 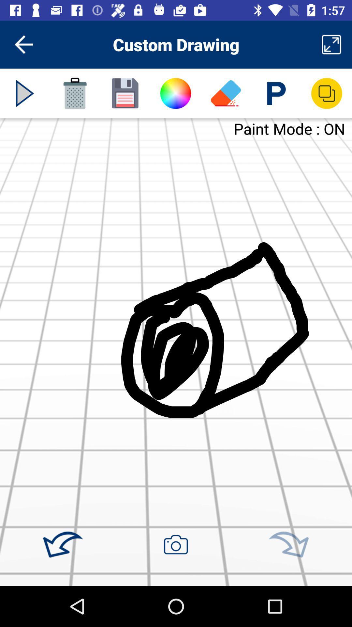 What do you see at coordinates (125, 93) in the screenshot?
I see `drawing` at bounding box center [125, 93].